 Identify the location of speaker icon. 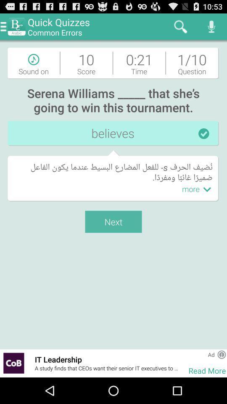
(211, 27).